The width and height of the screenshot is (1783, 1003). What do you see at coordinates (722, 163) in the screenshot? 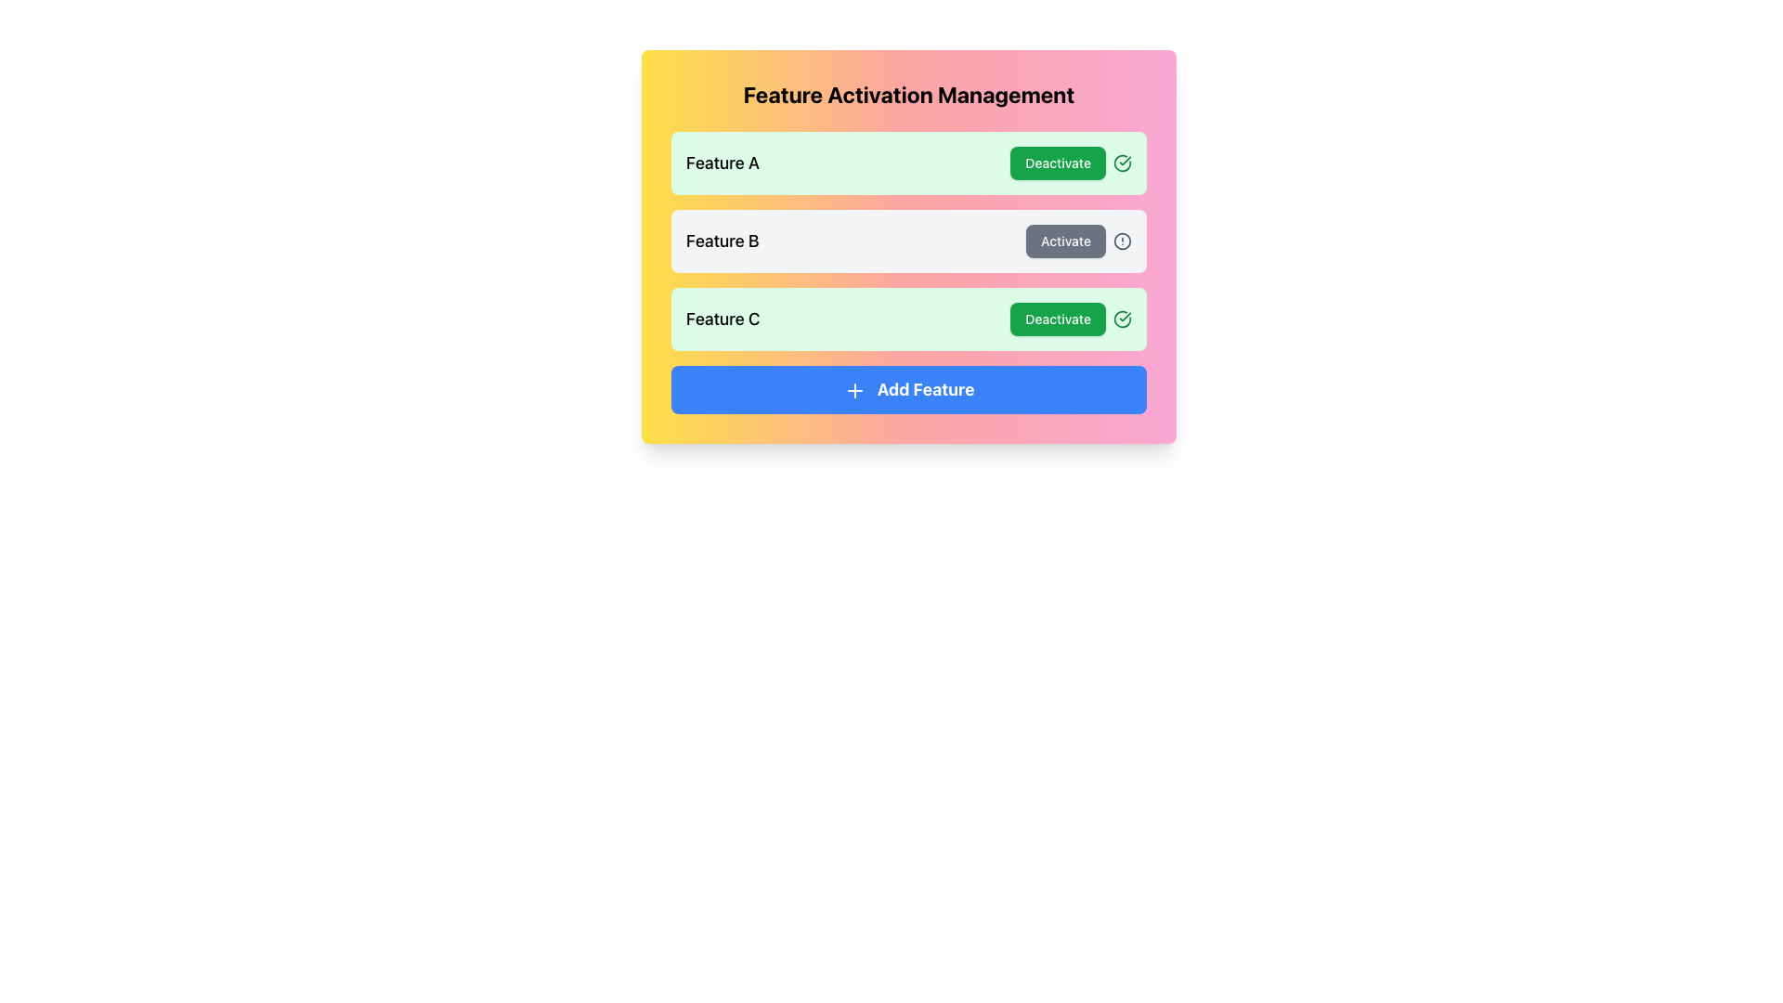
I see `the static text label displaying 'Feature A' located in the top-left area of a green background section` at bounding box center [722, 163].